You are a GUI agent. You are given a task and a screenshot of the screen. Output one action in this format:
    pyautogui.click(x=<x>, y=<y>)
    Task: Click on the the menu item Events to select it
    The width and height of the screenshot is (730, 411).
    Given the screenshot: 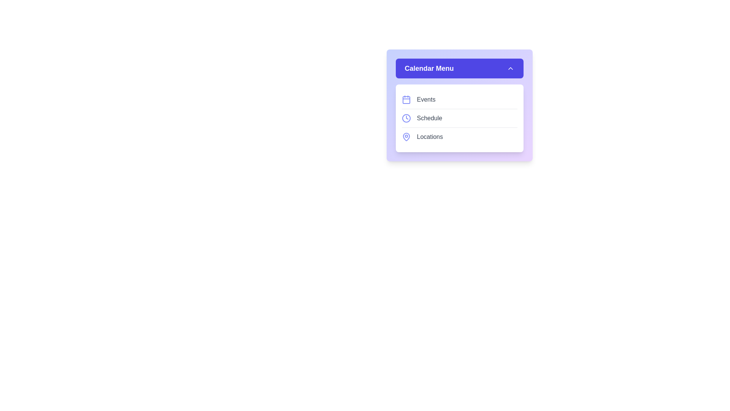 What is the action you would take?
    pyautogui.click(x=459, y=99)
    